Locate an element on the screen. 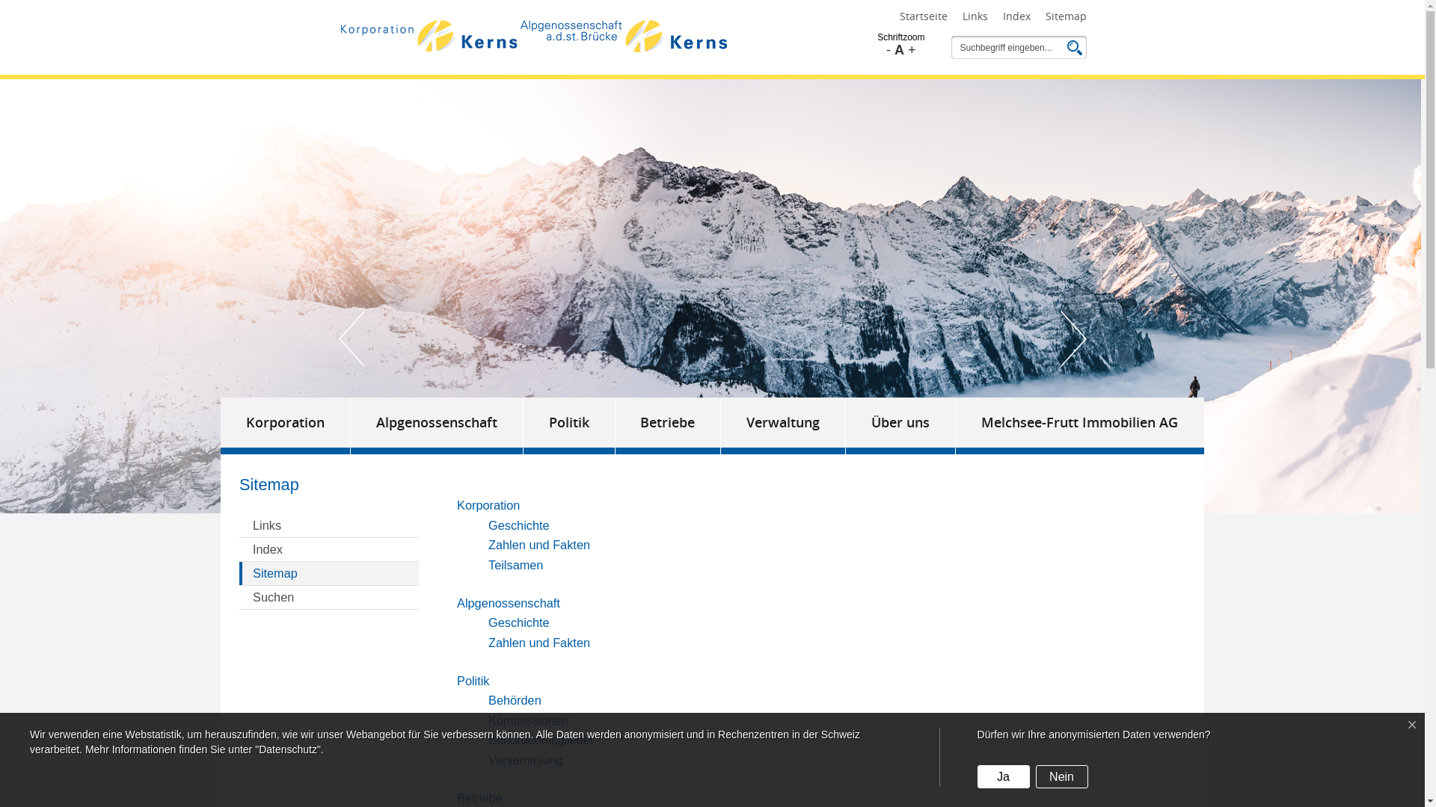 Image resolution: width=1436 pixels, height=807 pixels. 'Kommissionen' is located at coordinates (528, 720).